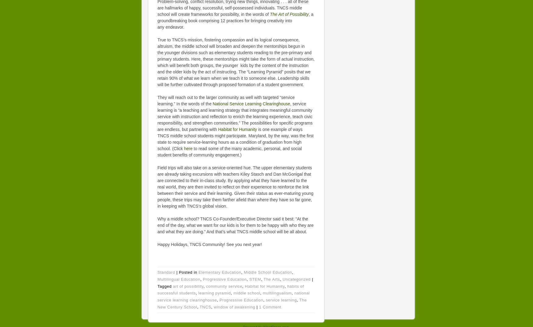 This screenshot has width=533, height=327. Describe the element at coordinates (251, 103) in the screenshot. I see `'National Service Learning Clearinghouse'` at that location.